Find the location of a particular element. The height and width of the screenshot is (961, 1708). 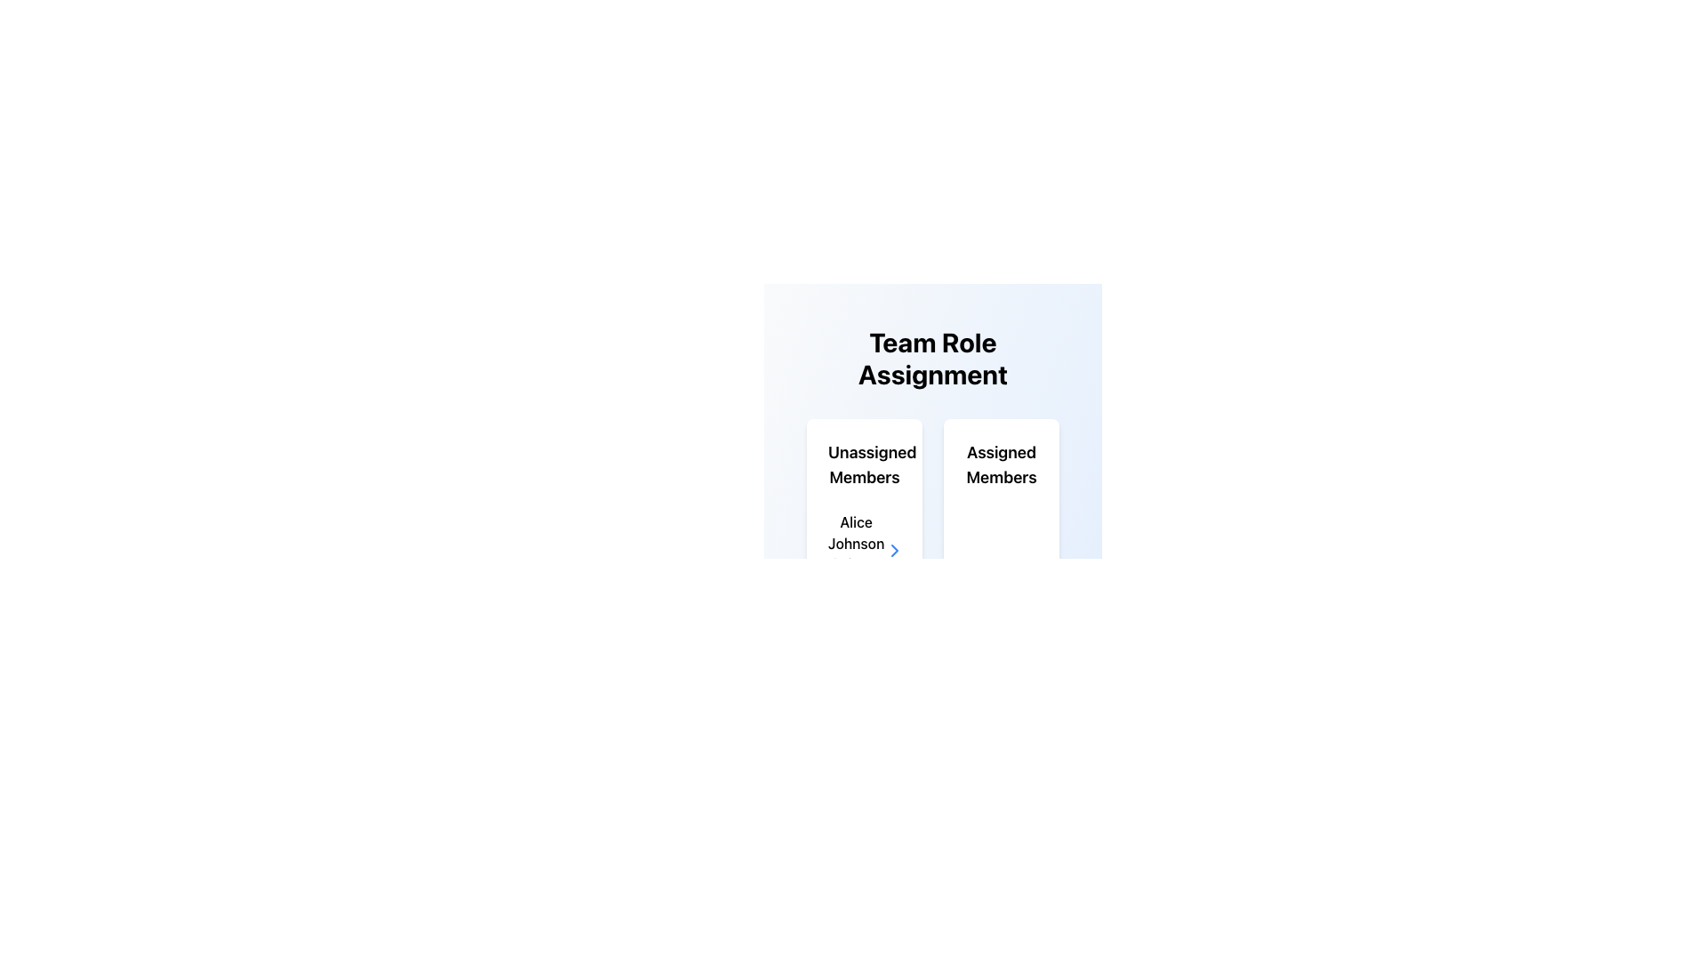

the rightward-pointing arrowhead-shaped icon located to the right of 'Alice Johnson' in the 'Unassigned Members' card under 'Team Role Assignment' is located at coordinates (895, 549).